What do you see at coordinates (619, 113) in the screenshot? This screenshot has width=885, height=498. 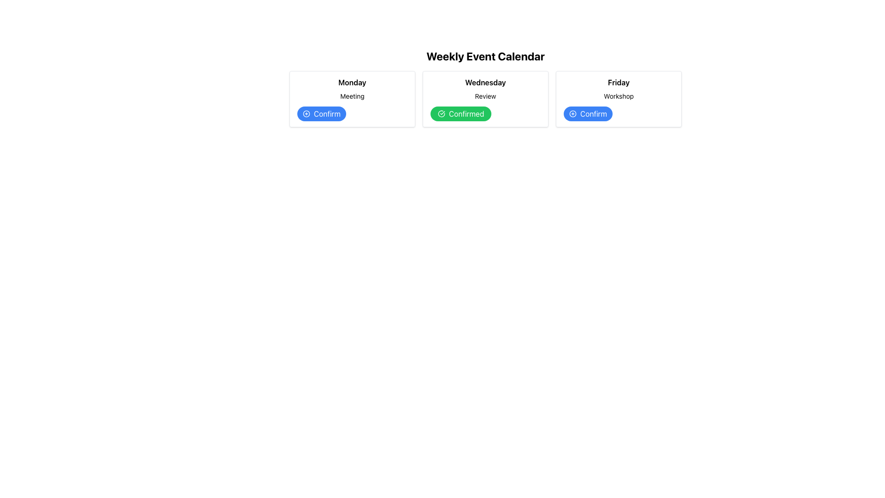 I see `the confirmation button for the 'Workshop' scheduled for Friday, located at the bottom center of the card labeled 'Friday'` at bounding box center [619, 113].